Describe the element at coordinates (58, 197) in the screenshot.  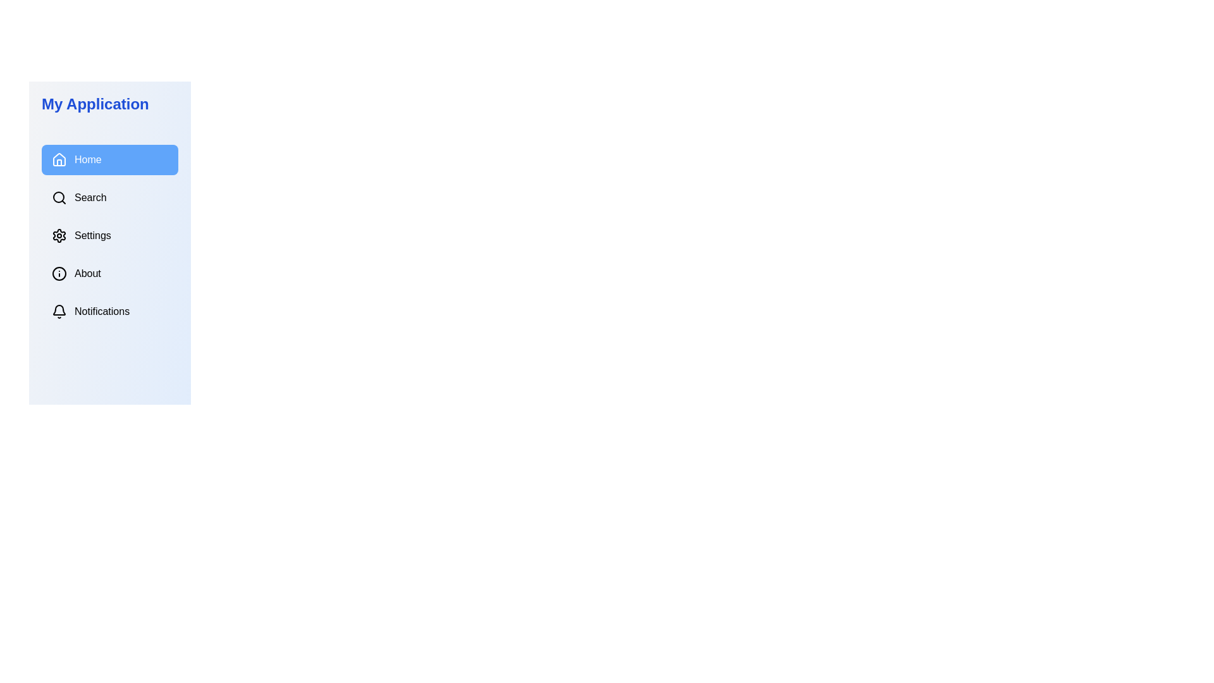
I see `the lens part of the magnifying glass icon in the 'Search' menu item to trigger a search action` at that location.